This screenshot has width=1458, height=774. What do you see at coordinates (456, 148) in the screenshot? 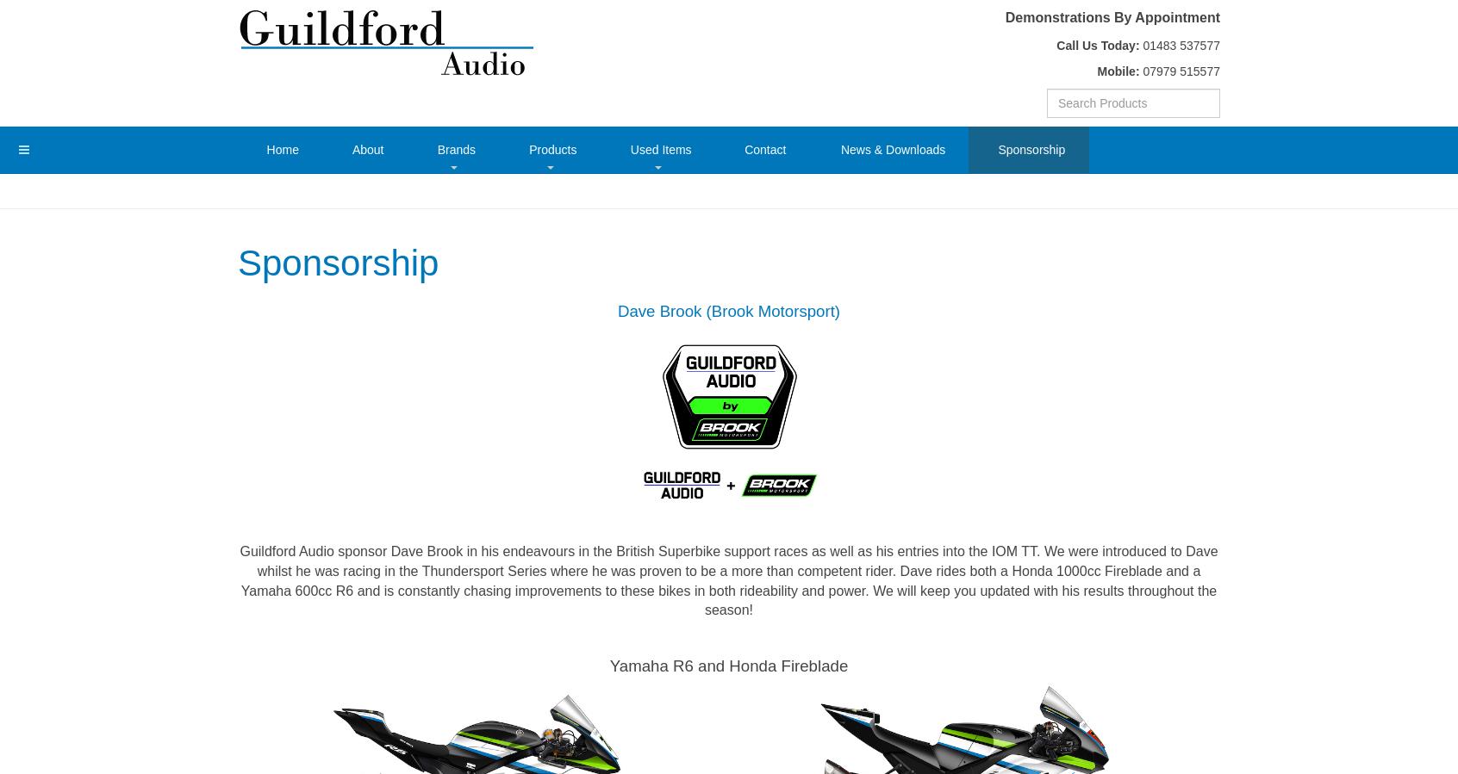
I see `'Brands'` at bounding box center [456, 148].